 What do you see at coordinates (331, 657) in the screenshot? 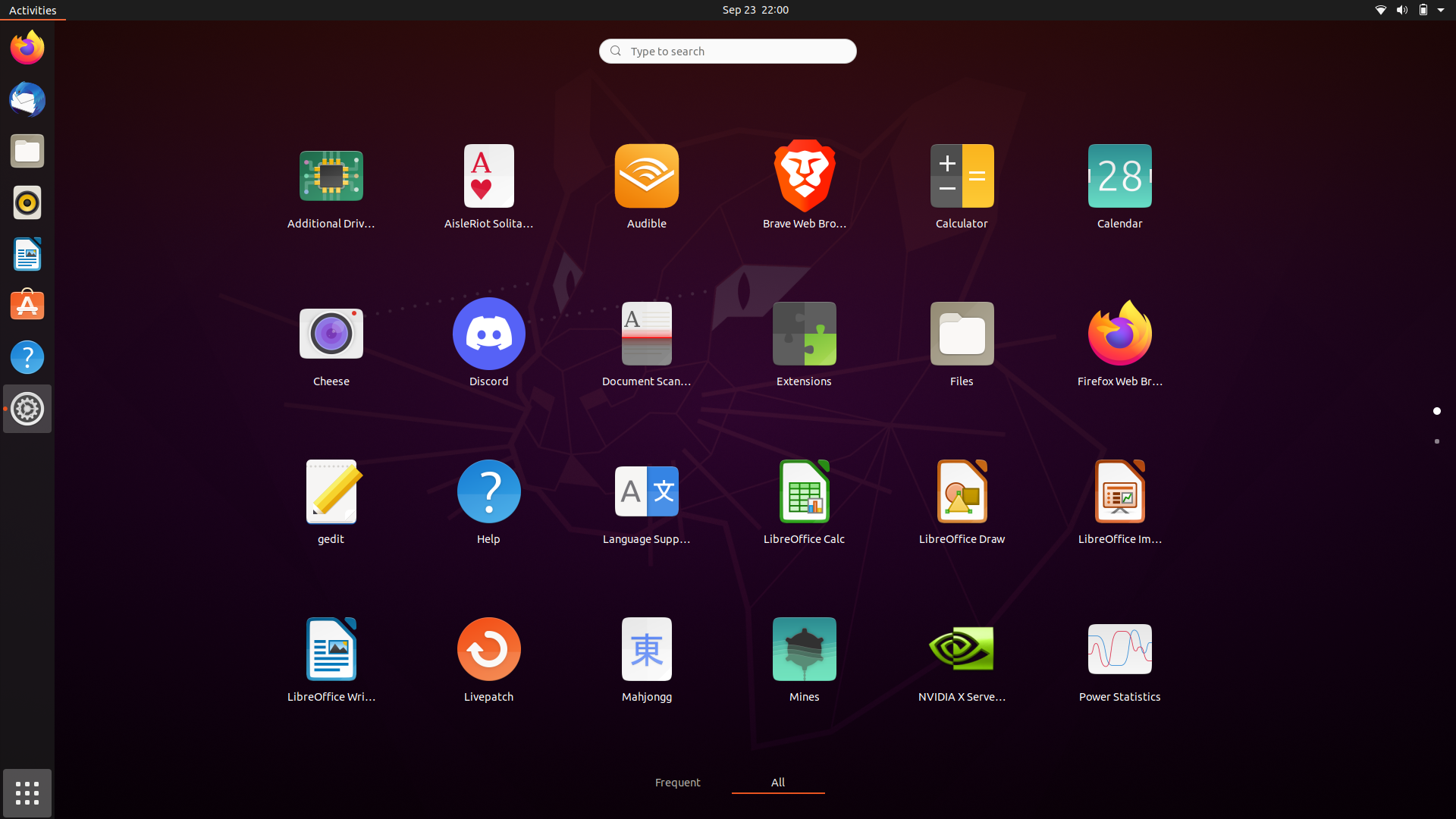
I see `Activate the Word software` at bounding box center [331, 657].